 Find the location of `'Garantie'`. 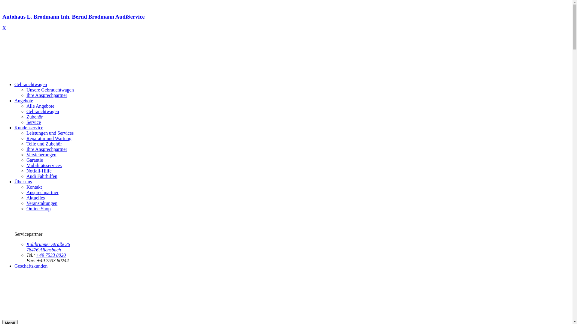

'Garantie' is located at coordinates (26, 160).